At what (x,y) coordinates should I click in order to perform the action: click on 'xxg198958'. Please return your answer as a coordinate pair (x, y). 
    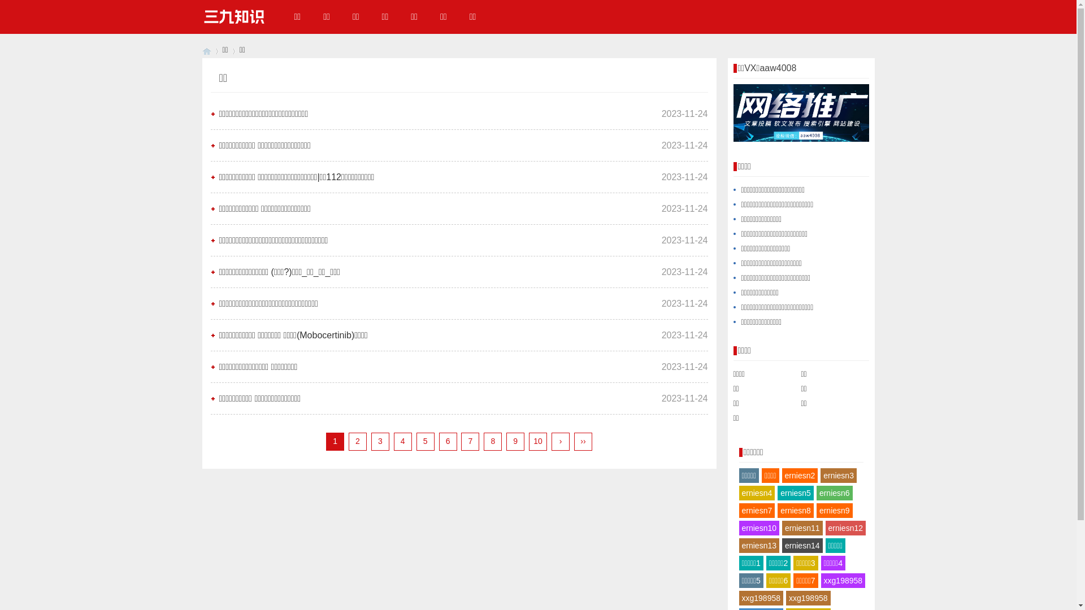
    Looking at the image, I should click on (843, 581).